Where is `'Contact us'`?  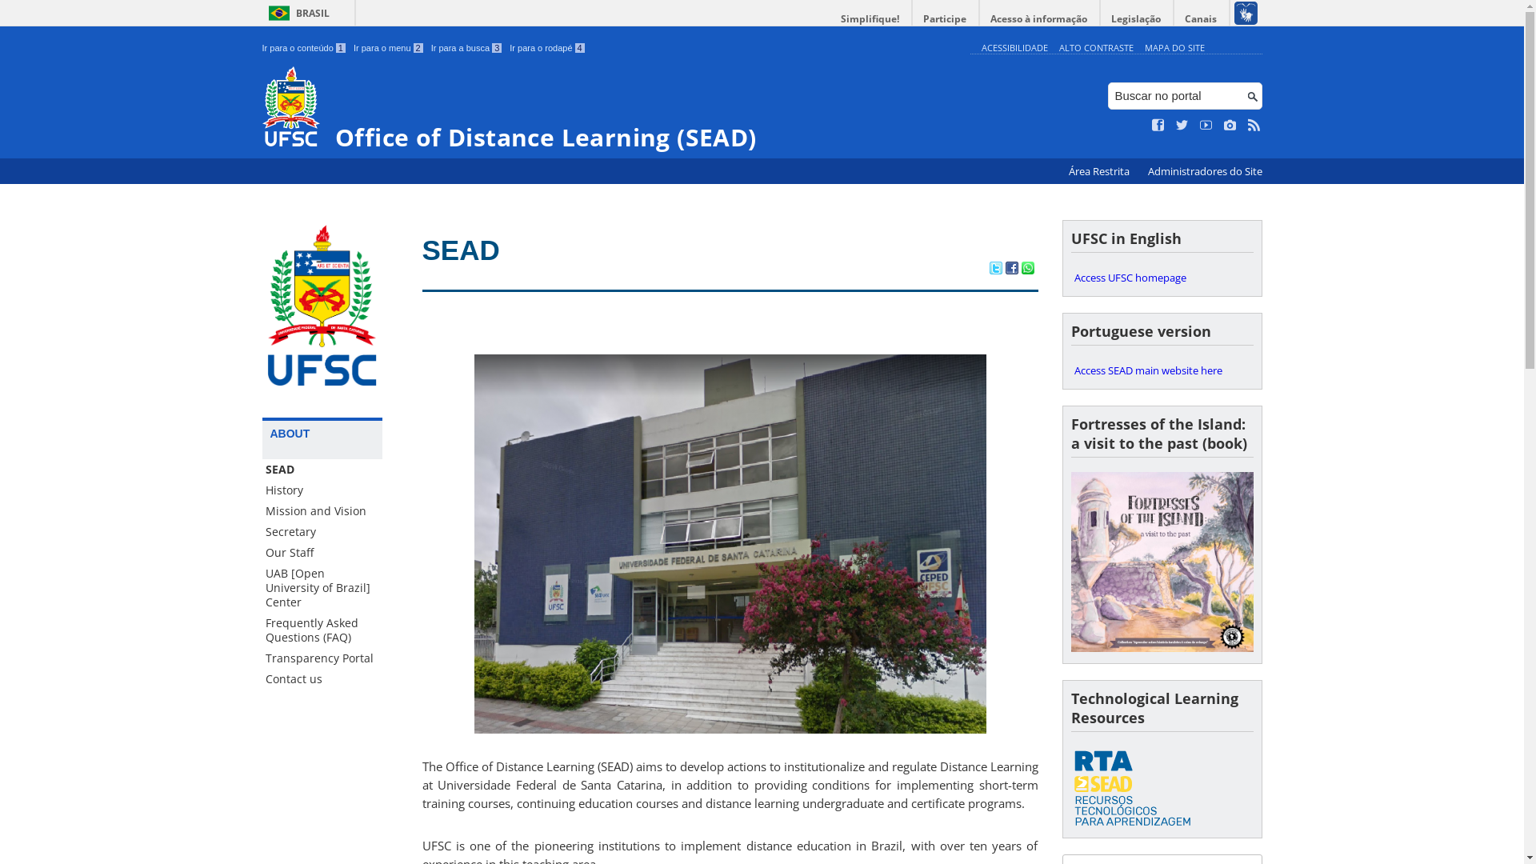 'Contact us' is located at coordinates (322, 678).